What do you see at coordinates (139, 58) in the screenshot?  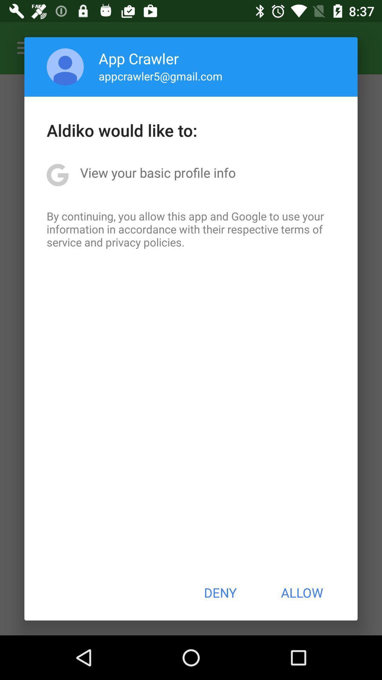 I see `app crawler app` at bounding box center [139, 58].